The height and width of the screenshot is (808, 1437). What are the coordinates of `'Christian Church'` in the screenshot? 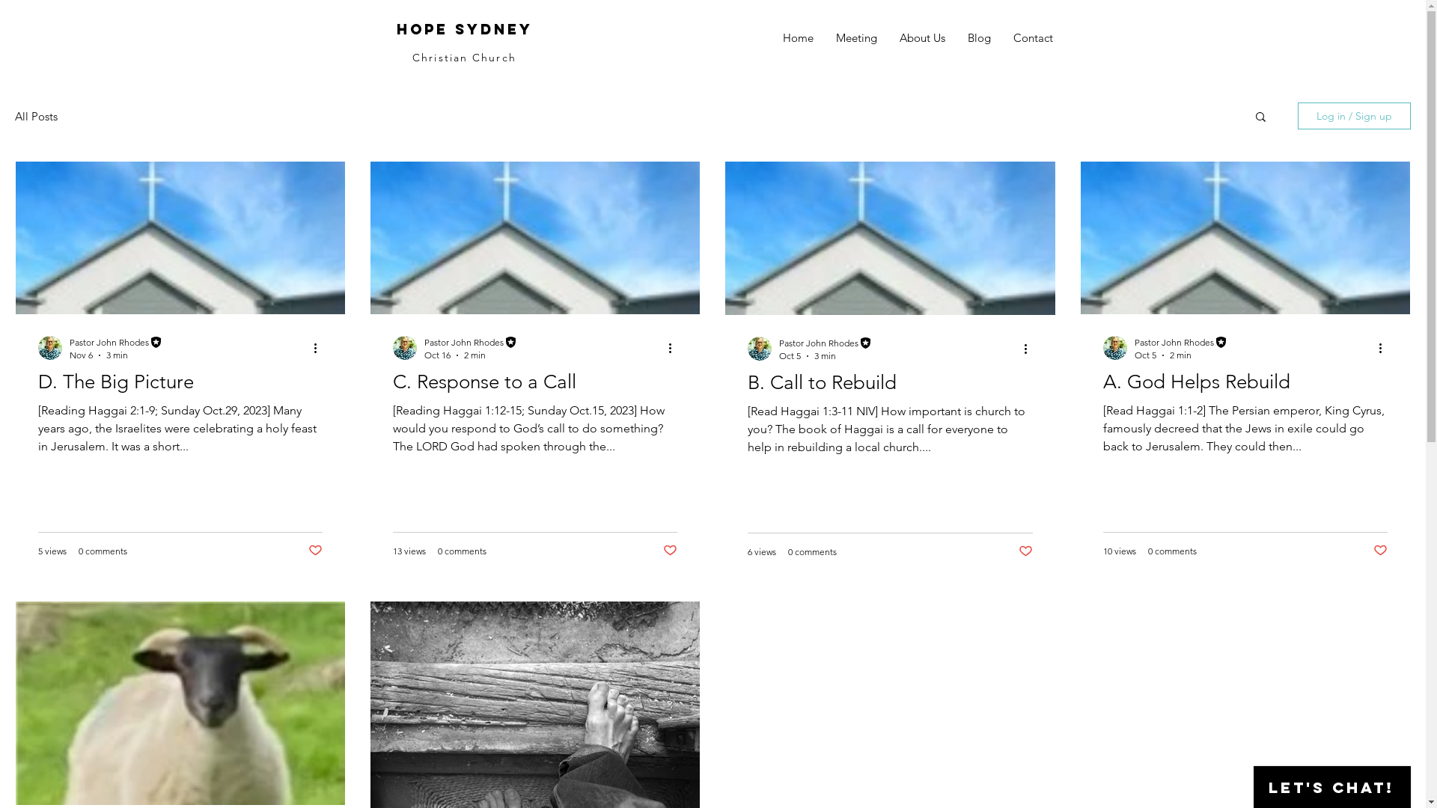 It's located at (463, 57).